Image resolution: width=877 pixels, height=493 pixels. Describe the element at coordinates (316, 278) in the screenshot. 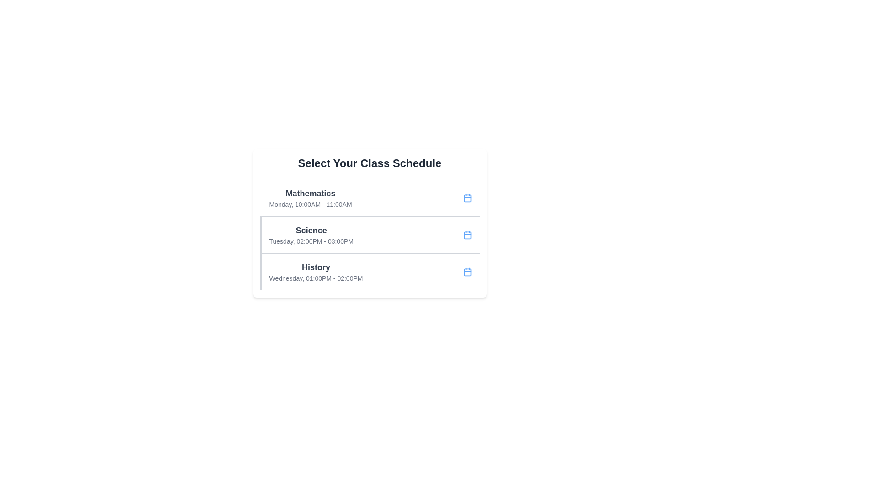

I see `the text providing information about the scheduled timing for the 'History' event` at that location.